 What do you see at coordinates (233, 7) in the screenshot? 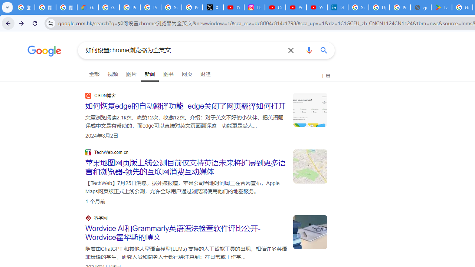
I see `'#nbabasketballhighlights - YouTube'` at bounding box center [233, 7].